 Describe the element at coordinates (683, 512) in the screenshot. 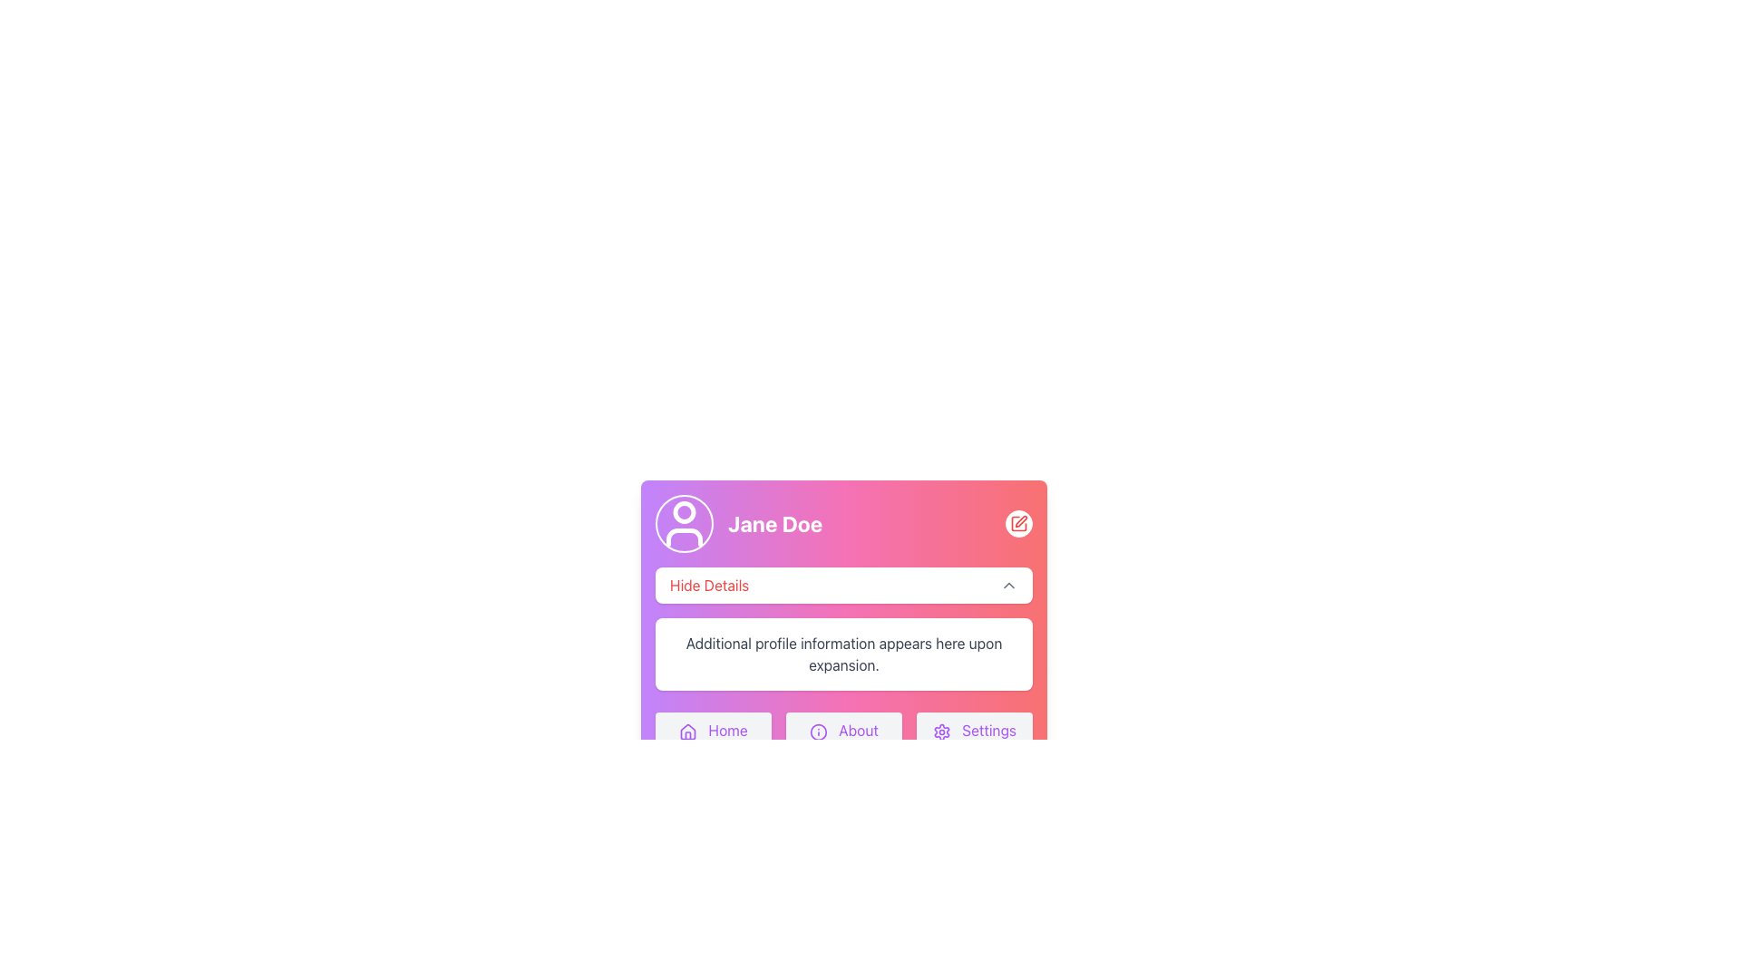

I see `the circular profile-like shape representing the user's head, located at the center of the user profile icon` at that location.